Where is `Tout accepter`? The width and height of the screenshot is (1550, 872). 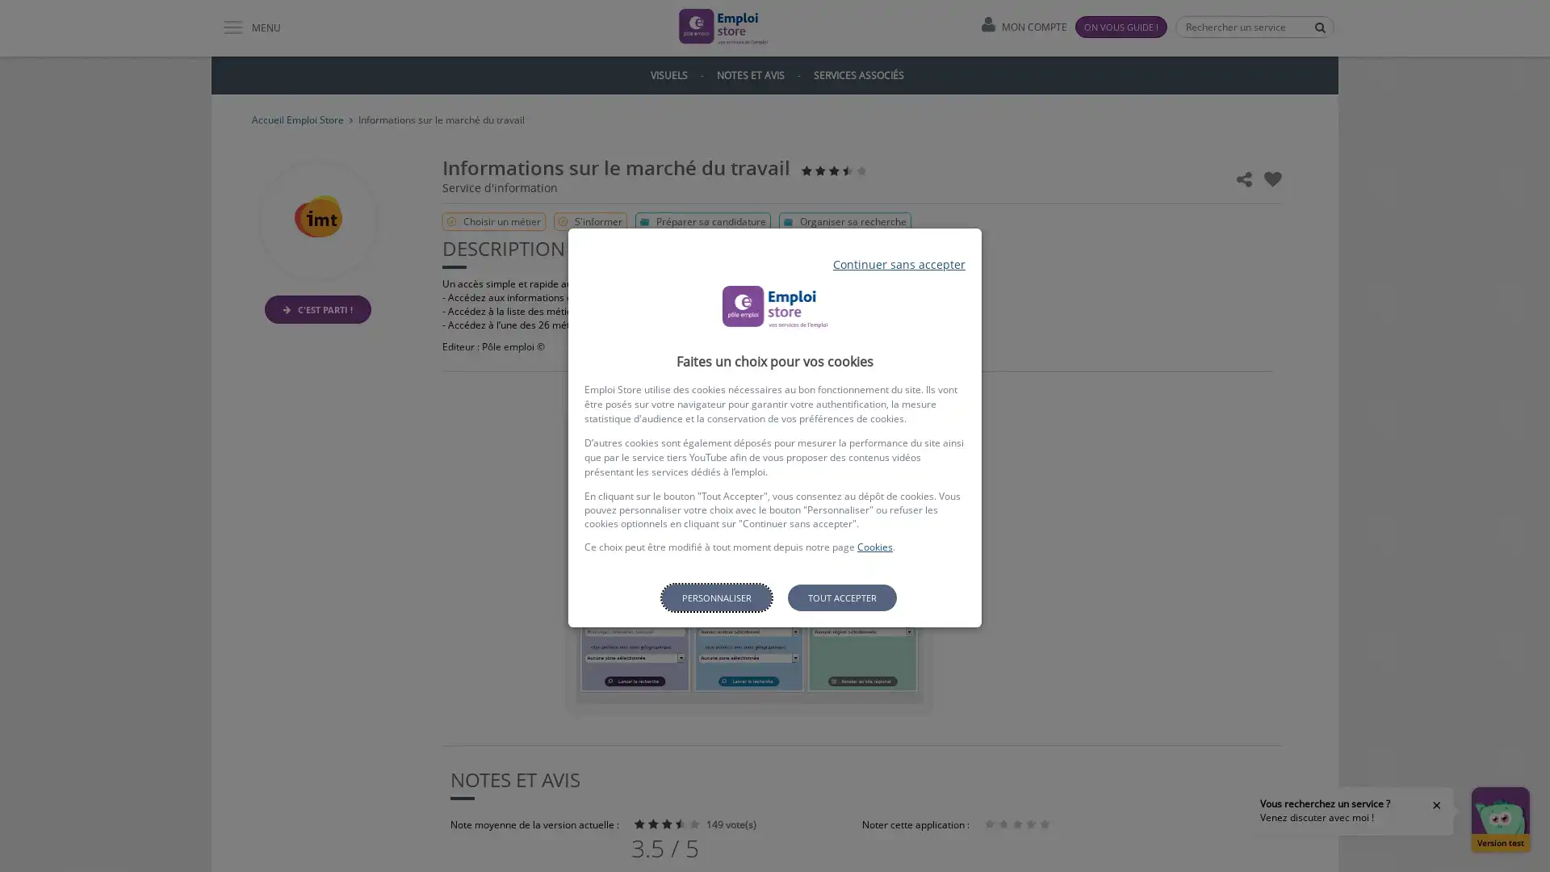 Tout accepter is located at coordinates (840, 597).